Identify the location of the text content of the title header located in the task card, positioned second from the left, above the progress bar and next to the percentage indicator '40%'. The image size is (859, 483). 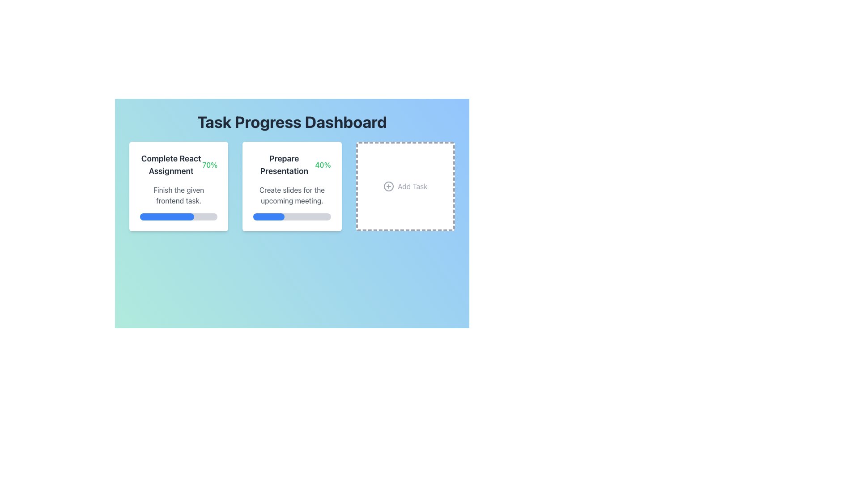
(284, 165).